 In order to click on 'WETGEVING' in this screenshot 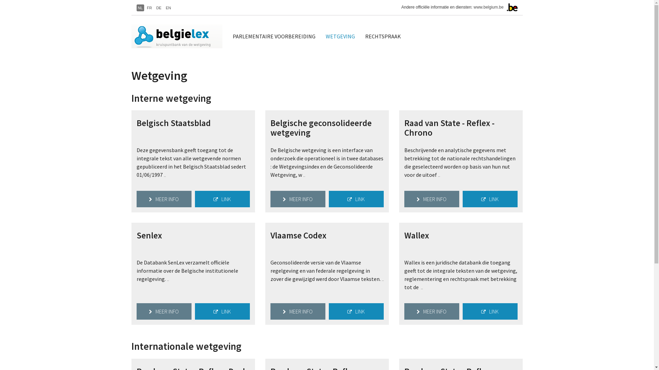, I will do `click(340, 36)`.